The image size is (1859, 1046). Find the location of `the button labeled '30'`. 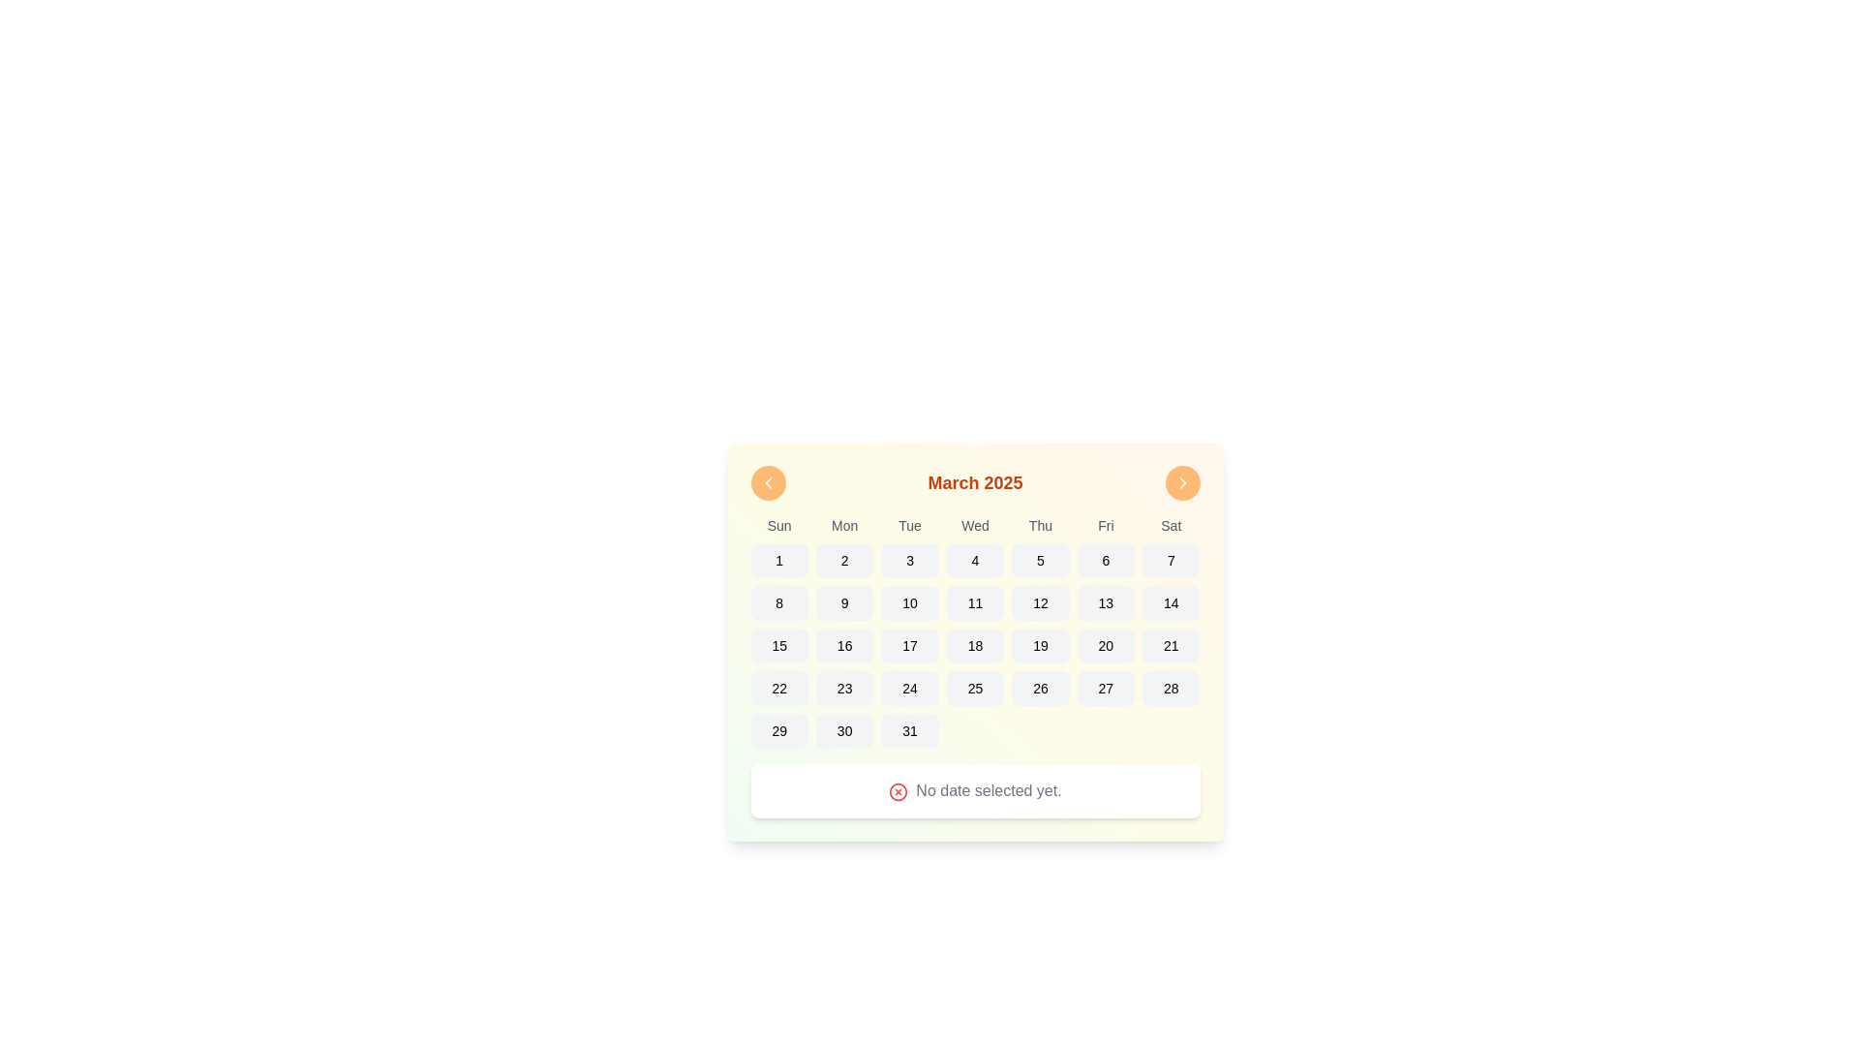

the button labeled '30' is located at coordinates (844, 731).